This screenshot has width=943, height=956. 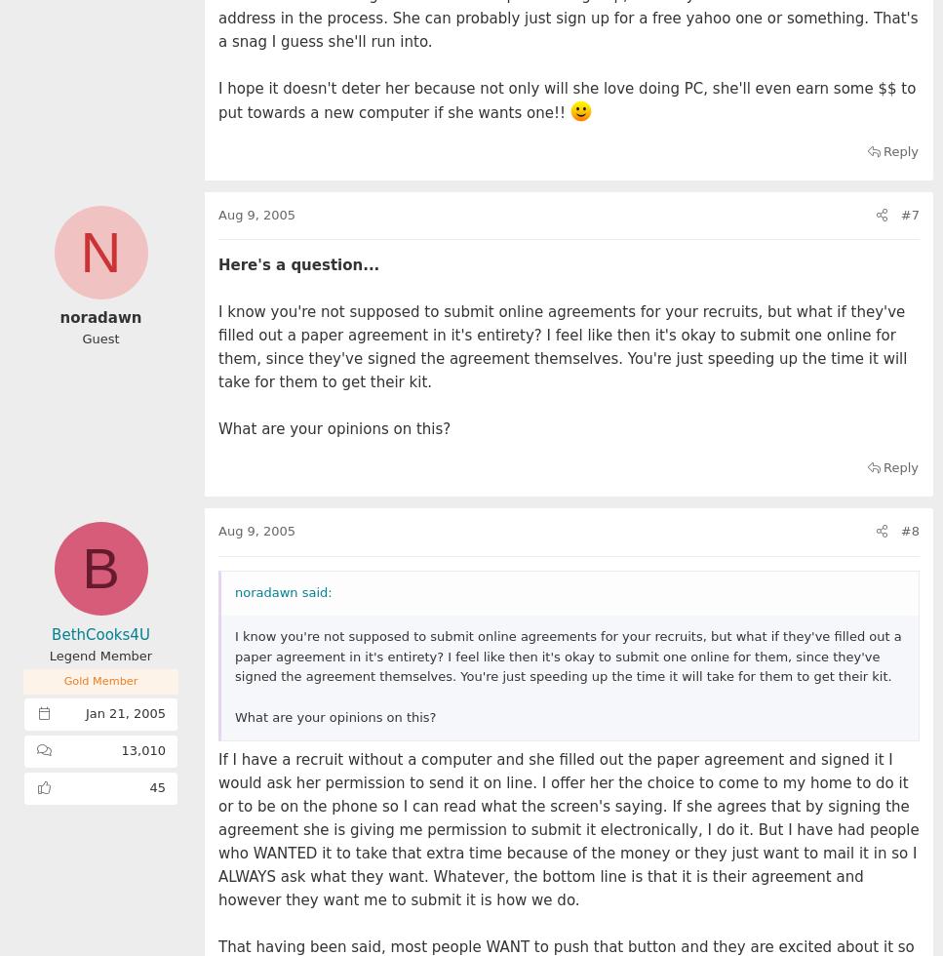 What do you see at coordinates (148, 787) in the screenshot?
I see `'45'` at bounding box center [148, 787].